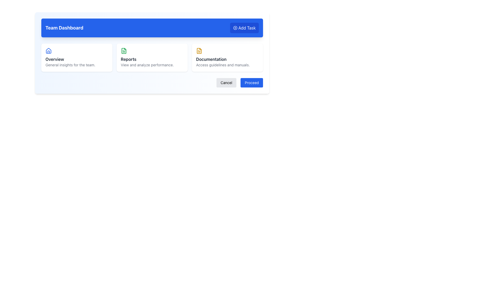  I want to click on the 'Overview' icon located in the first column of three horizontal cards under the 'Team Dashboard' title, so click(49, 50).